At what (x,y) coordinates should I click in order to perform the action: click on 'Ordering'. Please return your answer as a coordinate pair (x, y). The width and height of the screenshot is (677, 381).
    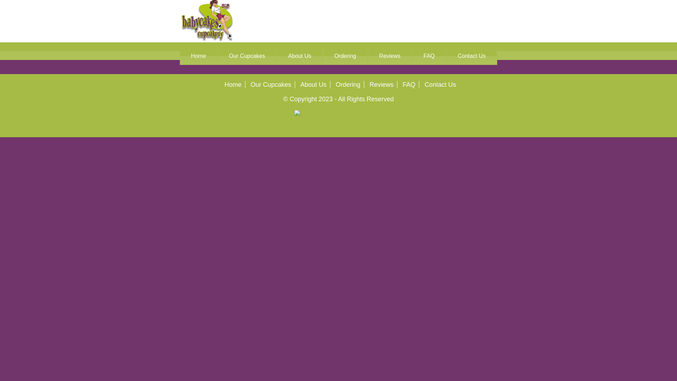
    Looking at the image, I should click on (323, 55).